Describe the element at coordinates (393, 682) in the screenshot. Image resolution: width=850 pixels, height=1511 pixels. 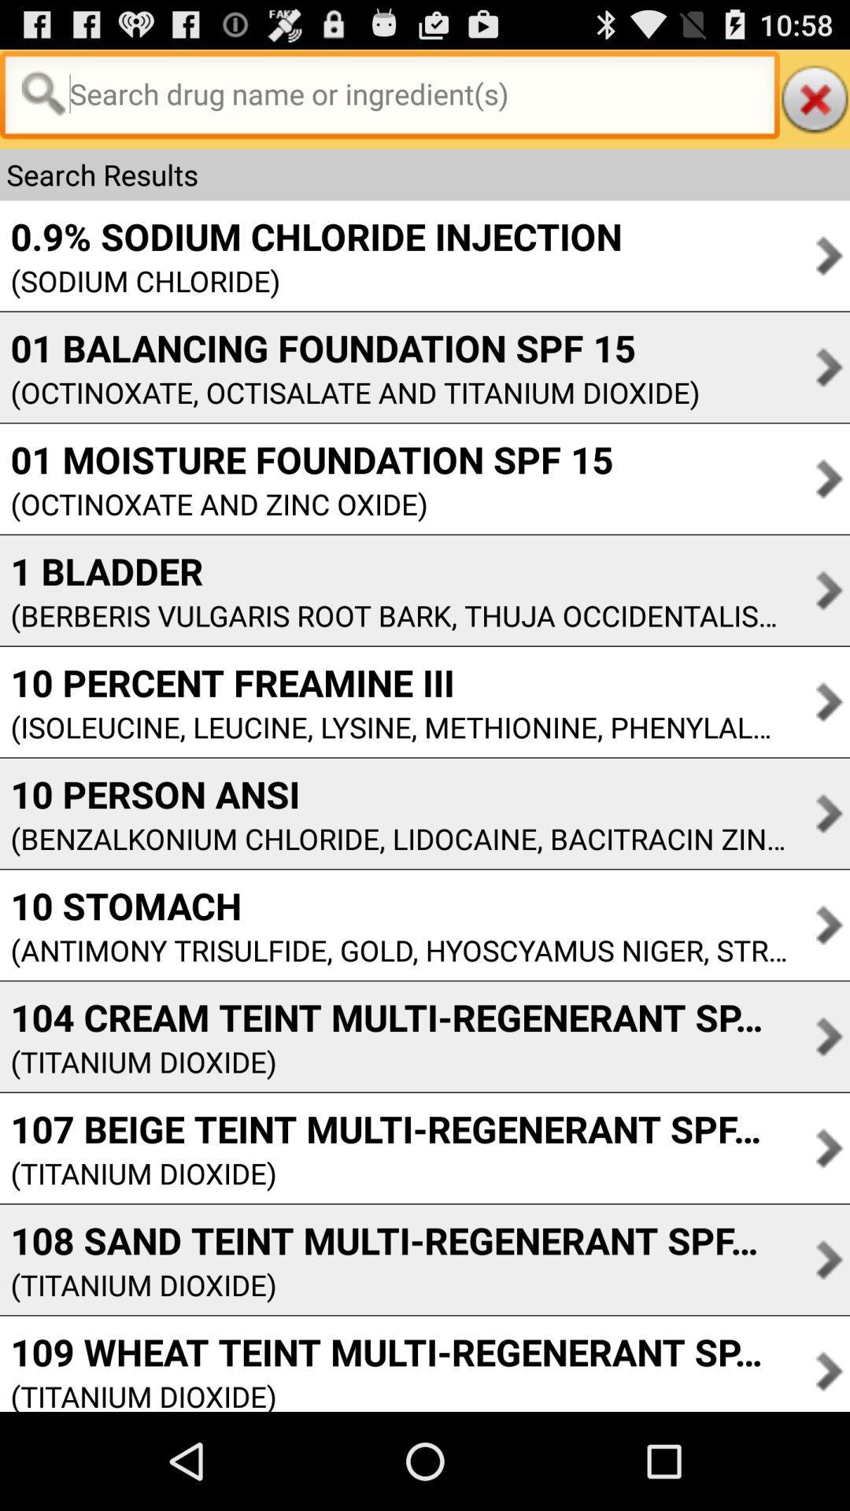
I see `app above the isoleucine leucine lysine item` at that location.